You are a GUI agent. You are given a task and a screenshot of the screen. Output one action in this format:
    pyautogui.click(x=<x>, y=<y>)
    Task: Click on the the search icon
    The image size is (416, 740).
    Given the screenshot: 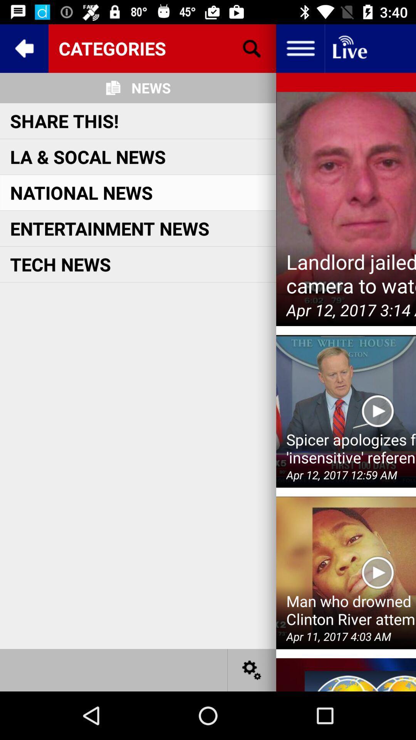 What is the action you would take?
    pyautogui.click(x=252, y=48)
    